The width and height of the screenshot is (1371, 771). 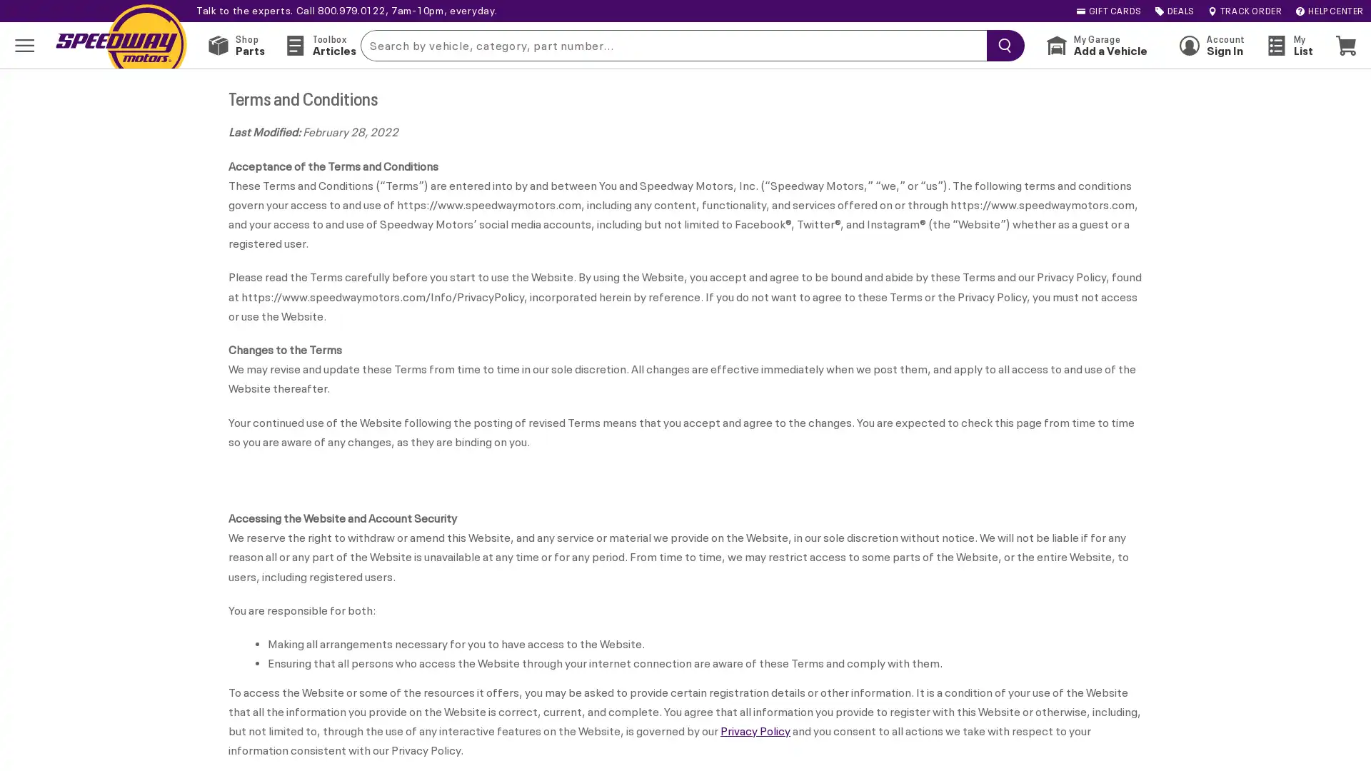 What do you see at coordinates (319, 44) in the screenshot?
I see `Toolbox Articles` at bounding box center [319, 44].